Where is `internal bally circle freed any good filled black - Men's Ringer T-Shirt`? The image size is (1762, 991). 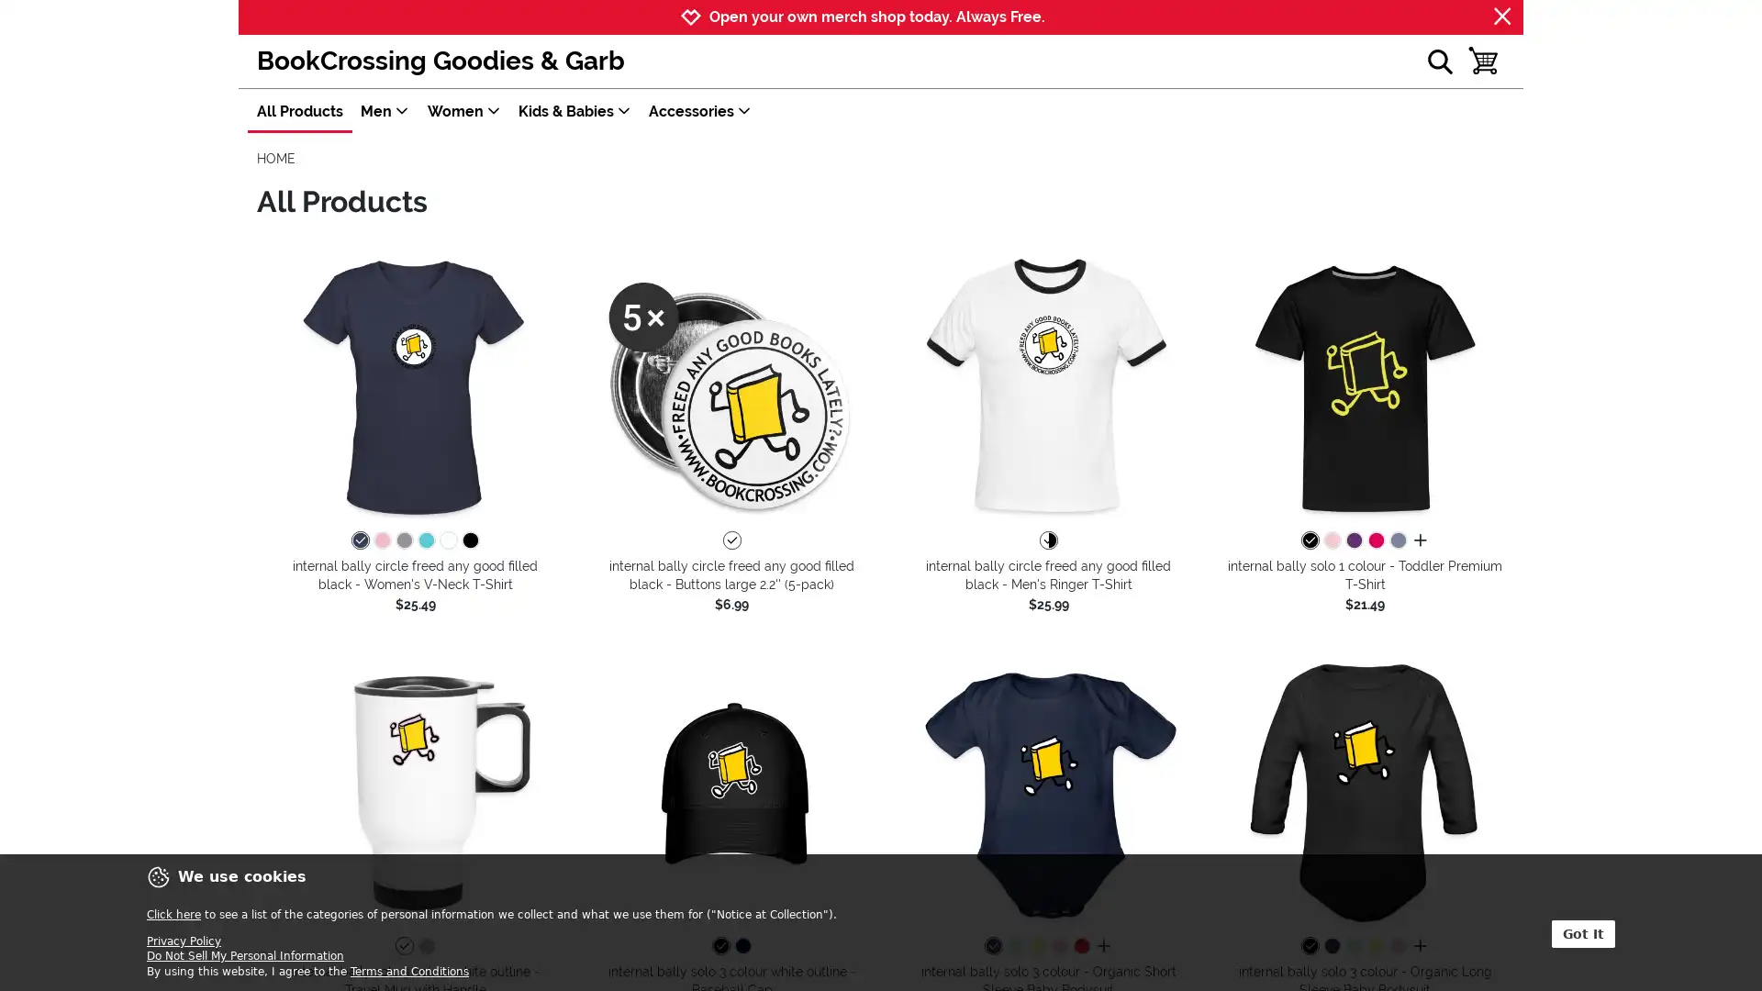 internal bally circle freed any good filled black - Men's Ringer T-Shirt is located at coordinates (1048, 385).